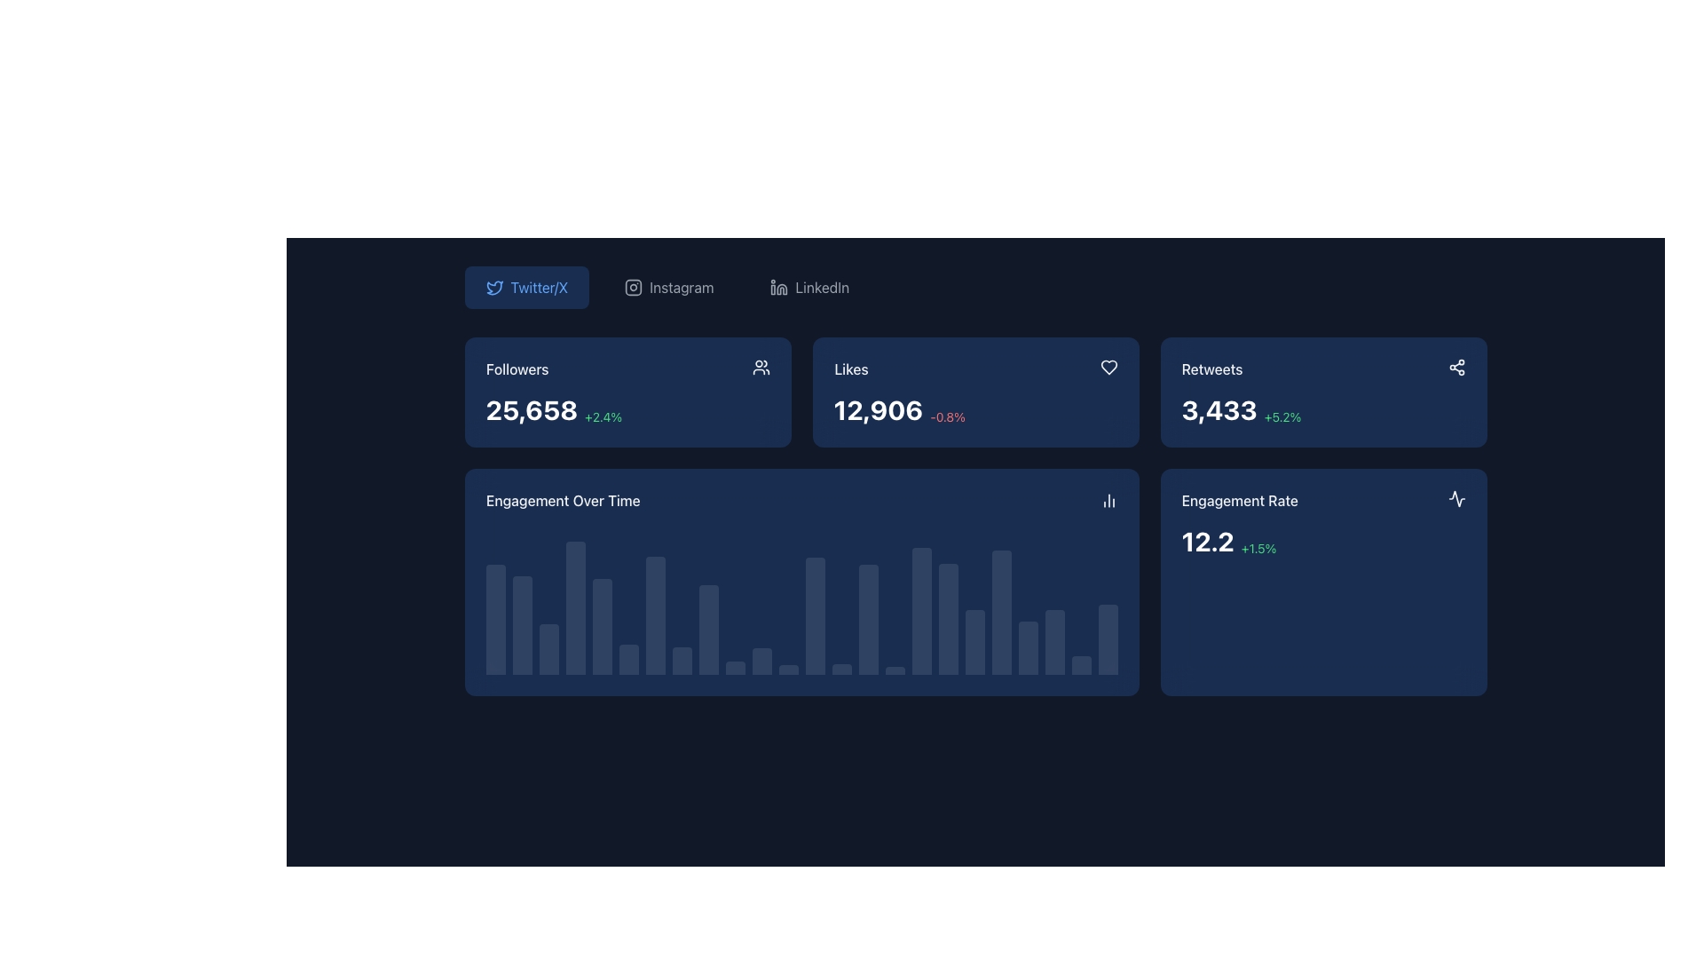 The width and height of the screenshot is (1704, 959). I want to click on the static text element displaying the percentage change '-0.8%' in red color, which is located within the 'Likes' information card, positioned to the right of the main numerical value '12,906', so click(944, 417).